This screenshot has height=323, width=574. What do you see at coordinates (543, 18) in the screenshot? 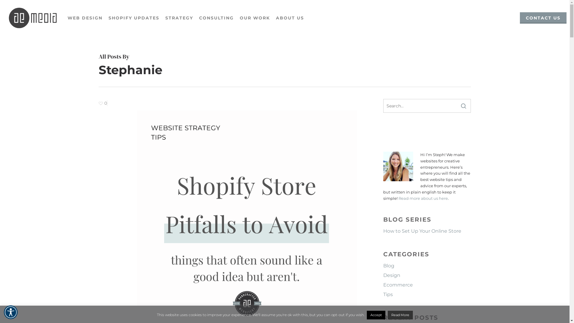
I see `'CONTACT US'` at bounding box center [543, 18].